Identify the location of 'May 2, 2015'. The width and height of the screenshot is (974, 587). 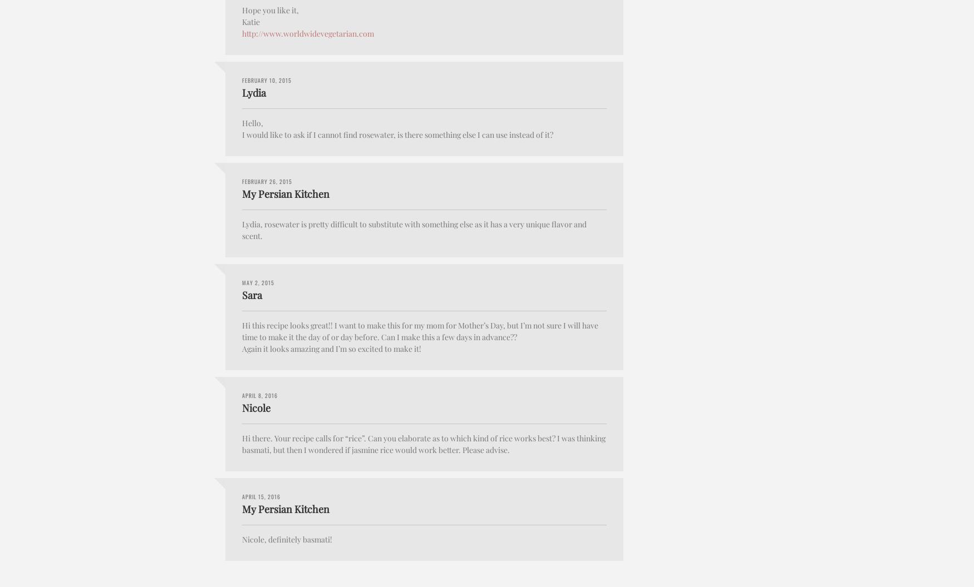
(242, 281).